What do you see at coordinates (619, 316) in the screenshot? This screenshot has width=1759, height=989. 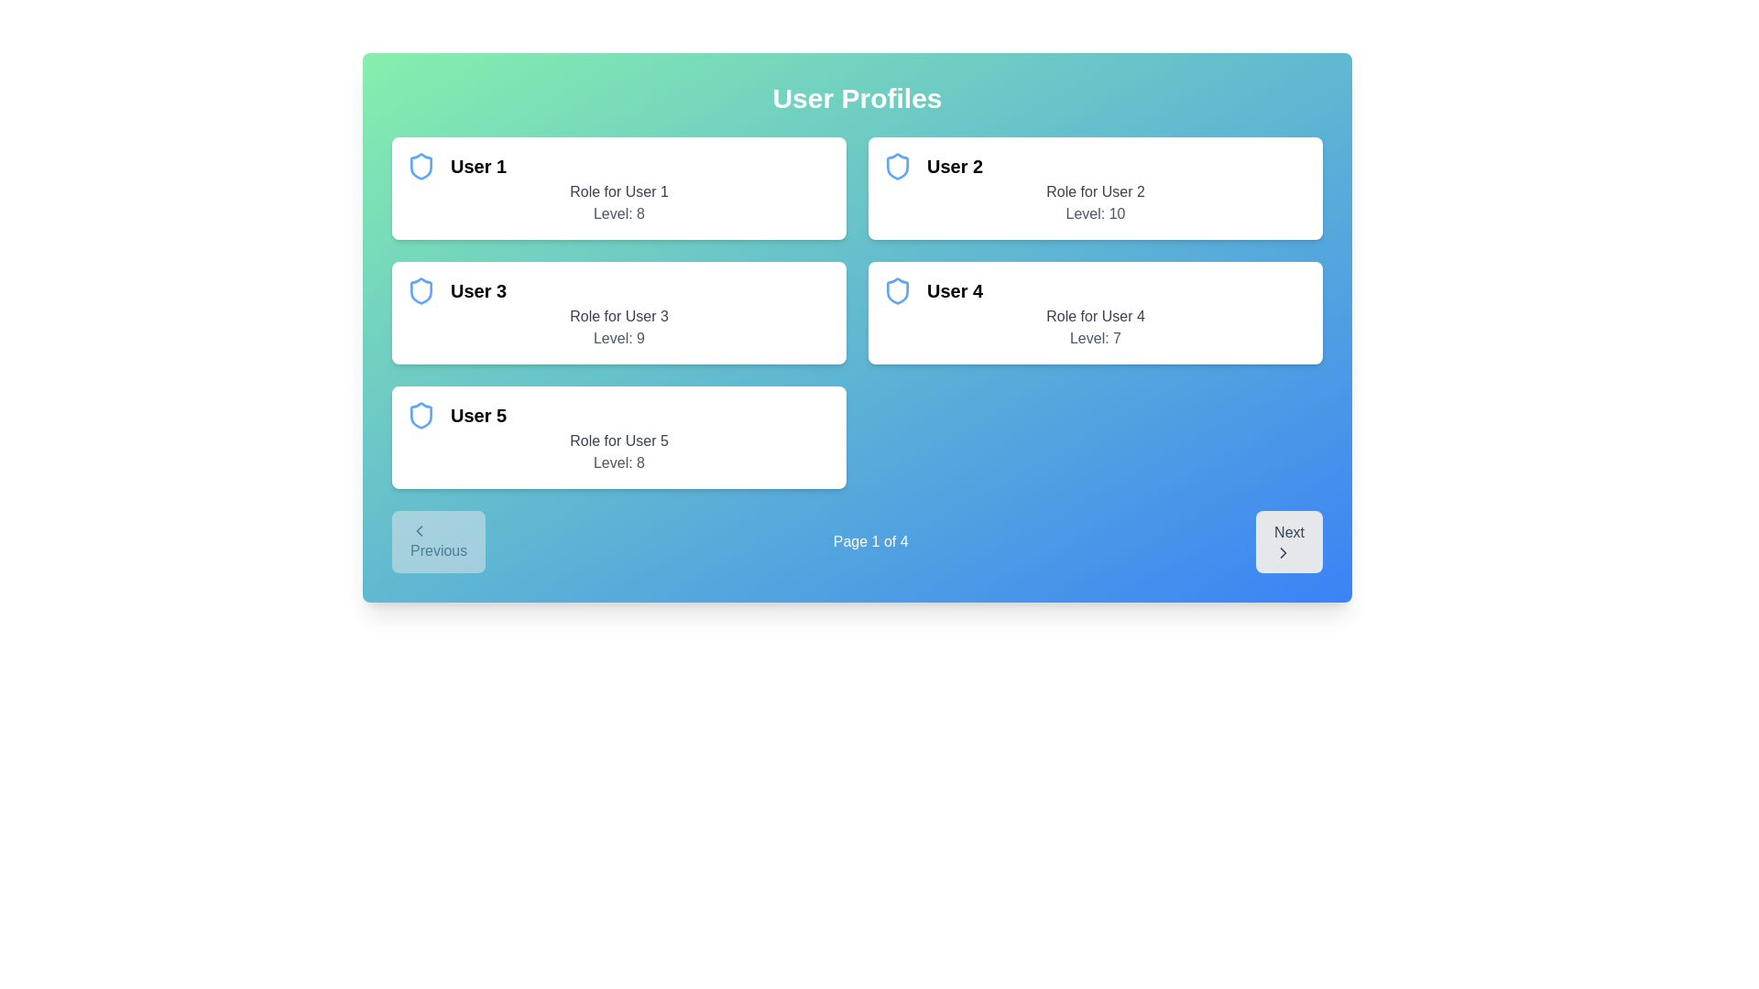 I see `the descriptive text label indicating the role assigned to 'User 3', which is positioned below the bold 'User 3' text and above the 'Level: 9' text within the user card` at bounding box center [619, 316].